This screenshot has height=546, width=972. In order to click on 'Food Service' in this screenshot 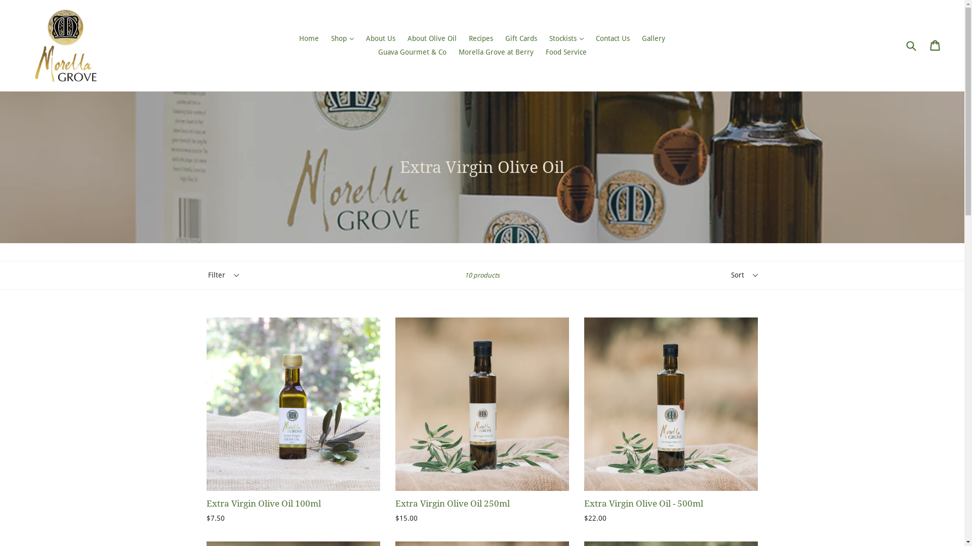, I will do `click(565, 52)`.